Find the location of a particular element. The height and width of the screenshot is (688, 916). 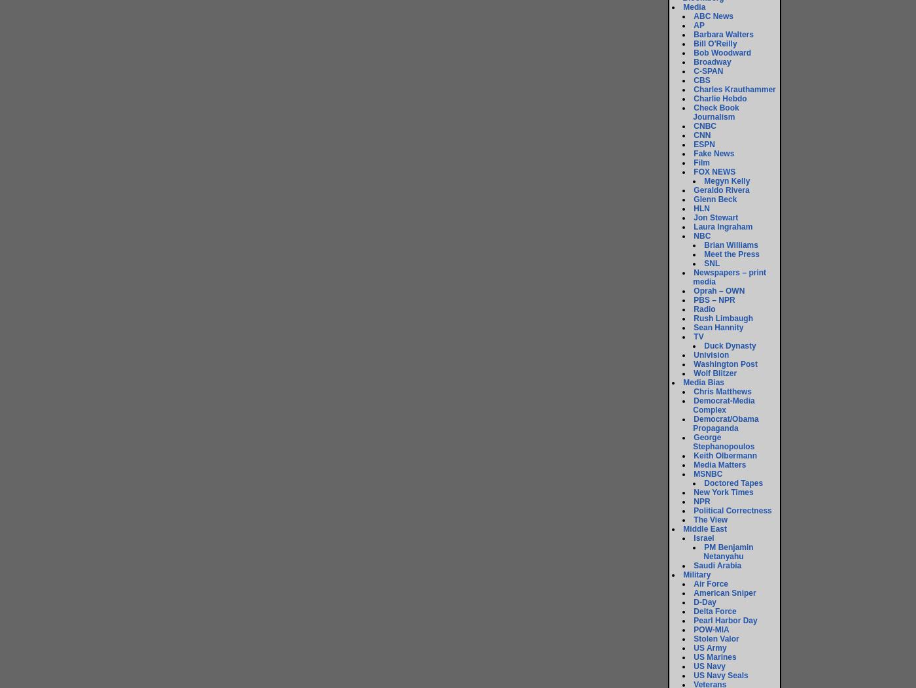

'PBS – NPR' is located at coordinates (714, 300).